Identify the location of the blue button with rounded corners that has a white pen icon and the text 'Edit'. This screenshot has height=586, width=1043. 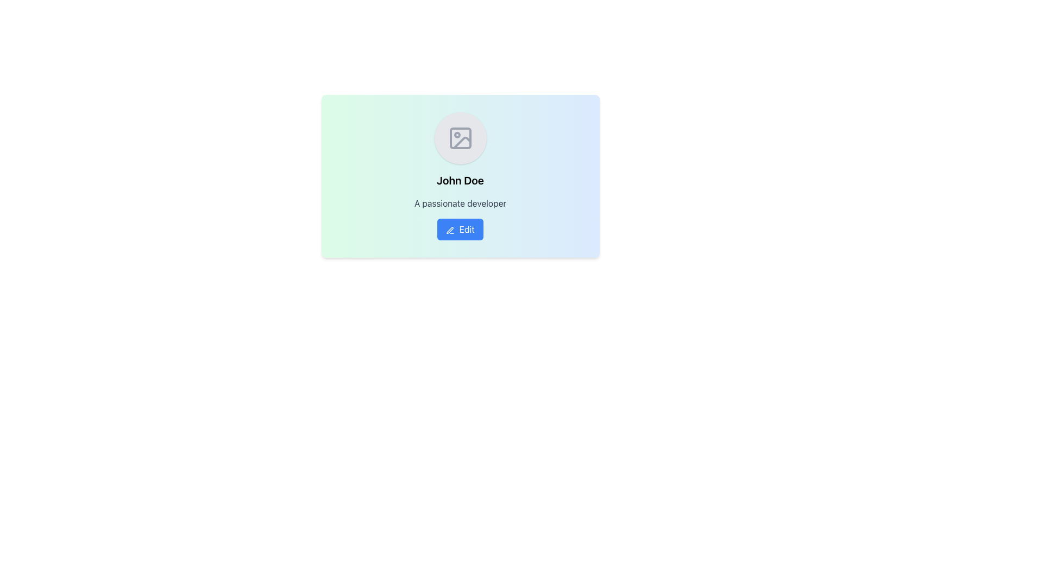
(460, 229).